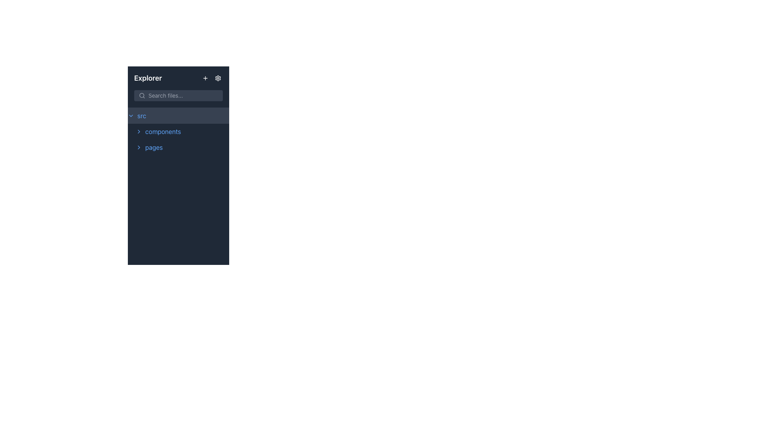  What do you see at coordinates (205, 78) in the screenshot?
I see `the first button in the horizontal row of buttons in the 'Explorer' menu panel, which contains a plus sign SVG icon` at bounding box center [205, 78].